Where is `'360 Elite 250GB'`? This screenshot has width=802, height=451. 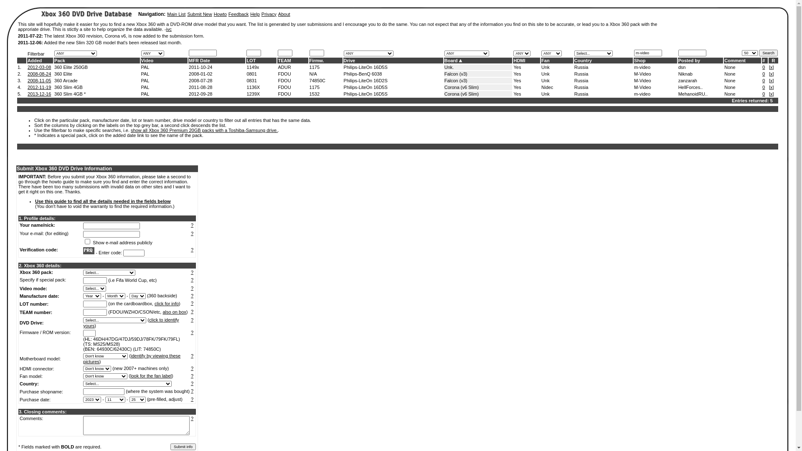
'360 Elite 250GB' is located at coordinates (71, 67).